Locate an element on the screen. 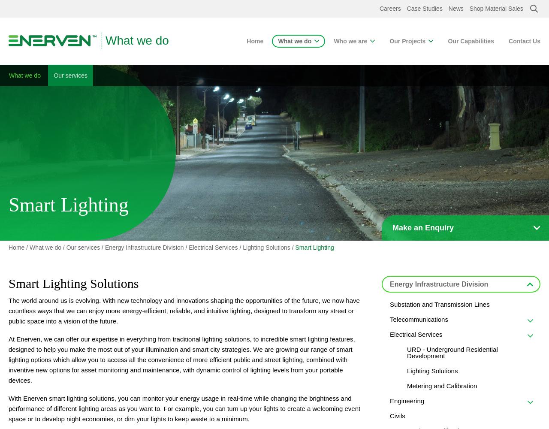 The image size is (549, 429). 'Contact Us' is located at coordinates (524, 41).